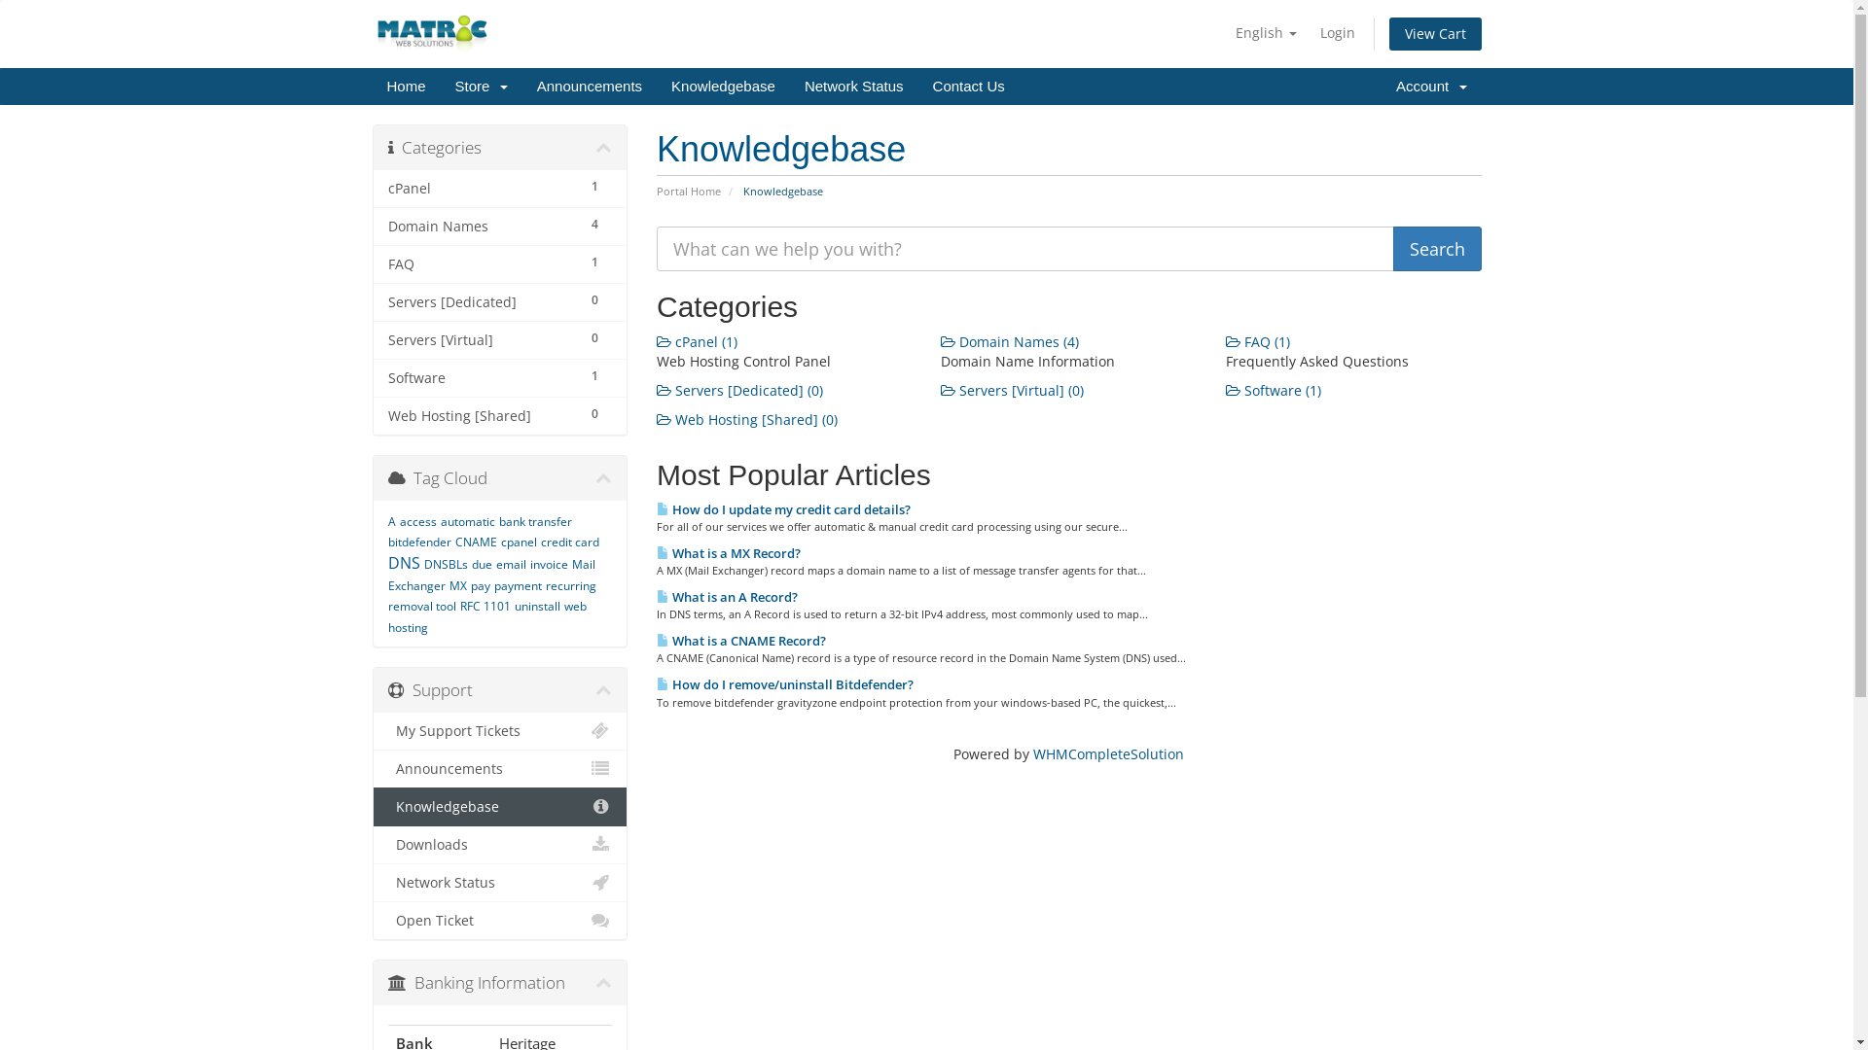 This screenshot has width=1868, height=1050. I want to click on 'uninstall', so click(536, 605).